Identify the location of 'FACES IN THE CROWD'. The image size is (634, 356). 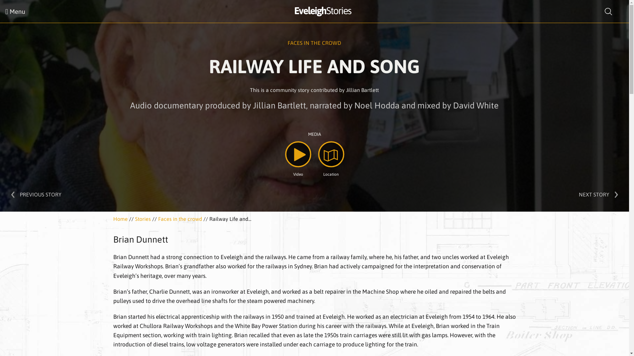
(314, 43).